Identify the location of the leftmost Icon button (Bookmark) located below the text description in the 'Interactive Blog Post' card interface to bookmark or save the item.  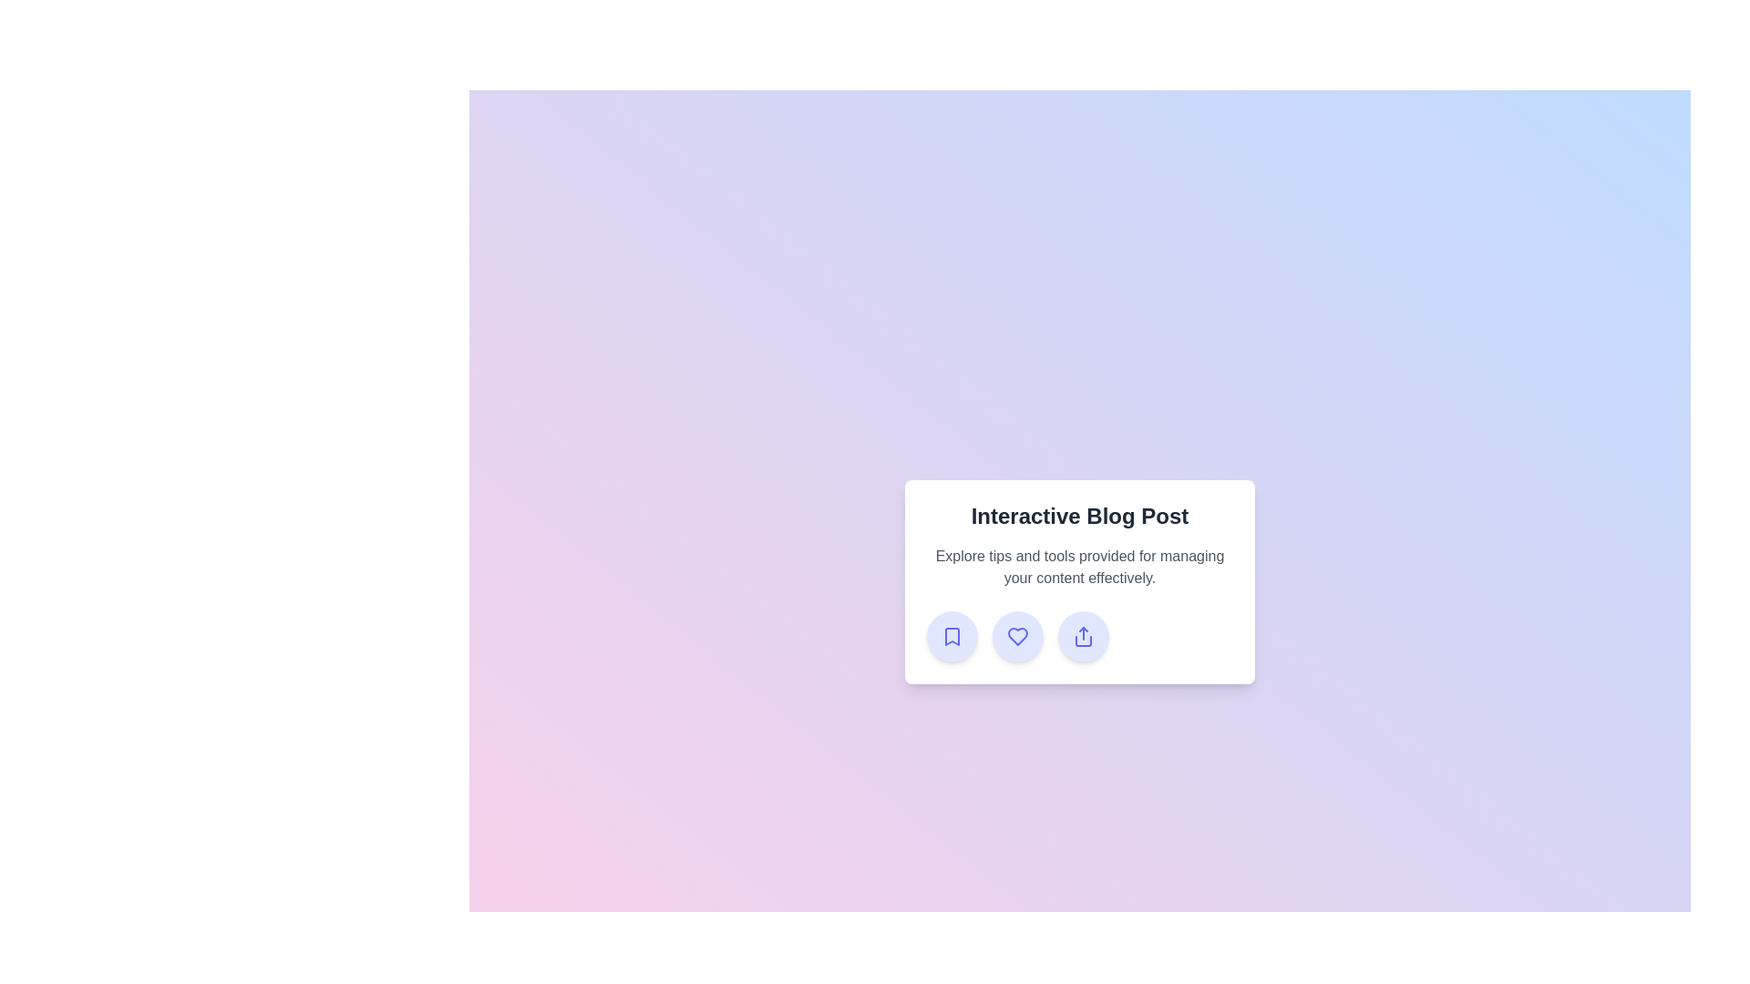
(952, 635).